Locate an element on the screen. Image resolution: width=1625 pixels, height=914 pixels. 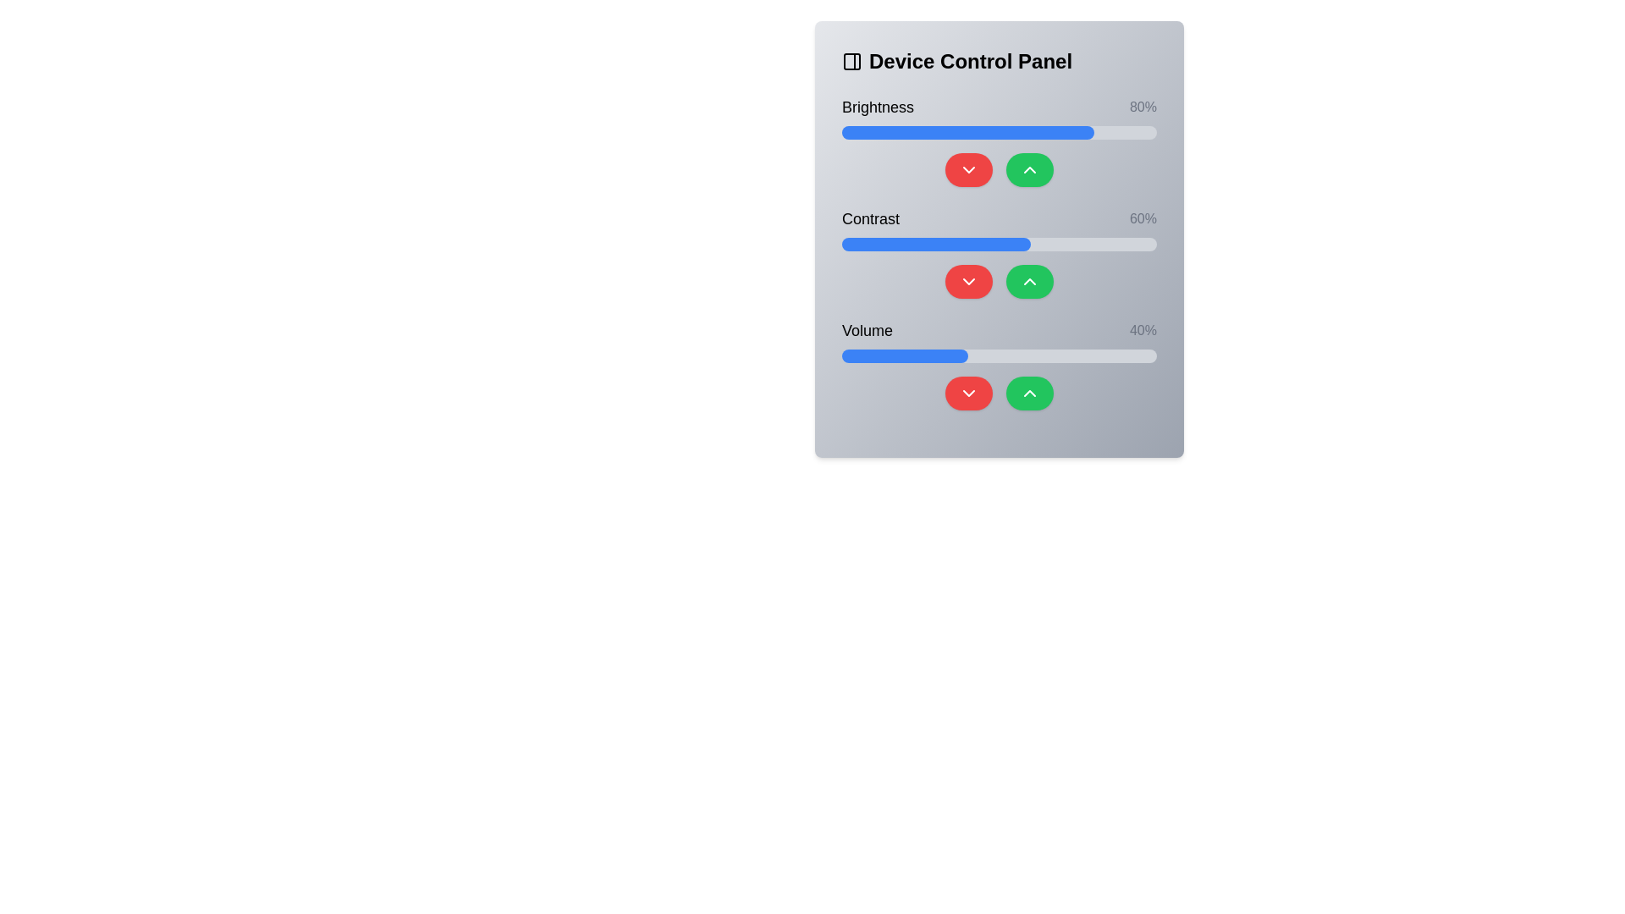
the rightmost rounded button with a green background and white text, featuring an upward-pointing chevron arrow icon, located under the 'Brightness' label in the control panel is located at coordinates (1029, 169).